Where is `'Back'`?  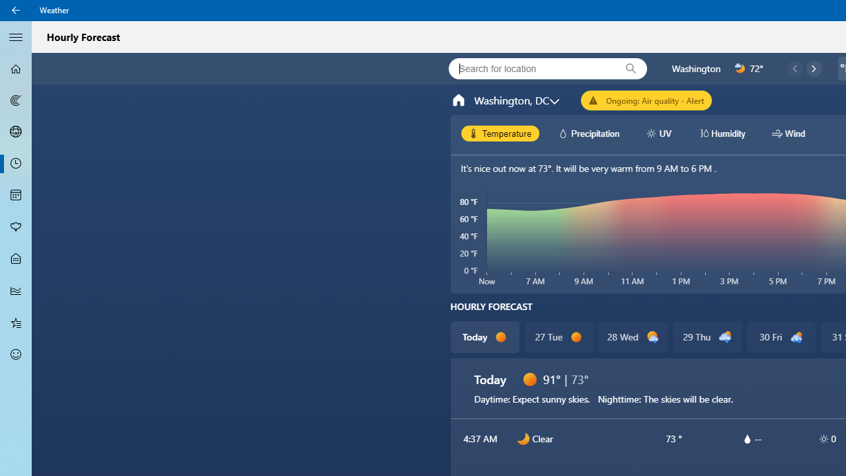
'Back' is located at coordinates (16, 10).